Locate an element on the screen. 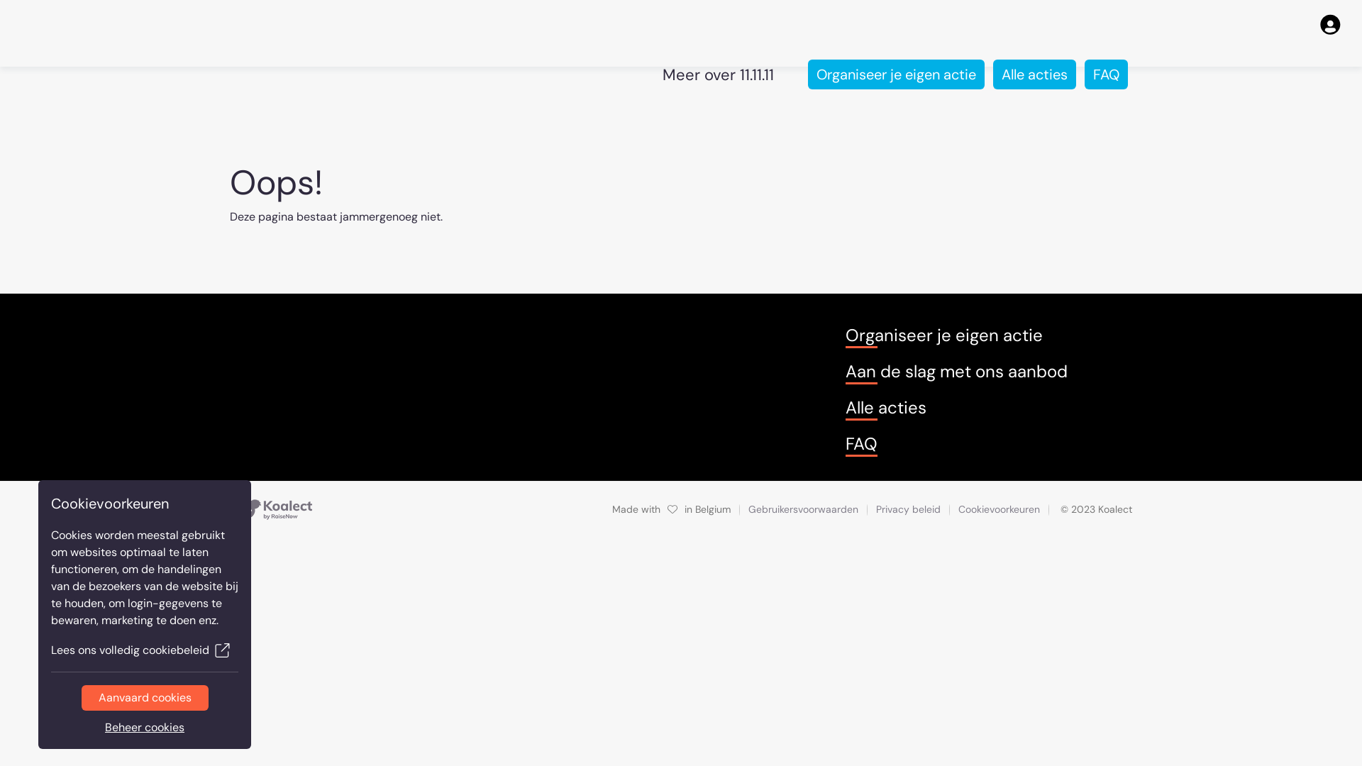 The height and width of the screenshot is (766, 1362). 'Privacy beleid' is located at coordinates (875, 508).